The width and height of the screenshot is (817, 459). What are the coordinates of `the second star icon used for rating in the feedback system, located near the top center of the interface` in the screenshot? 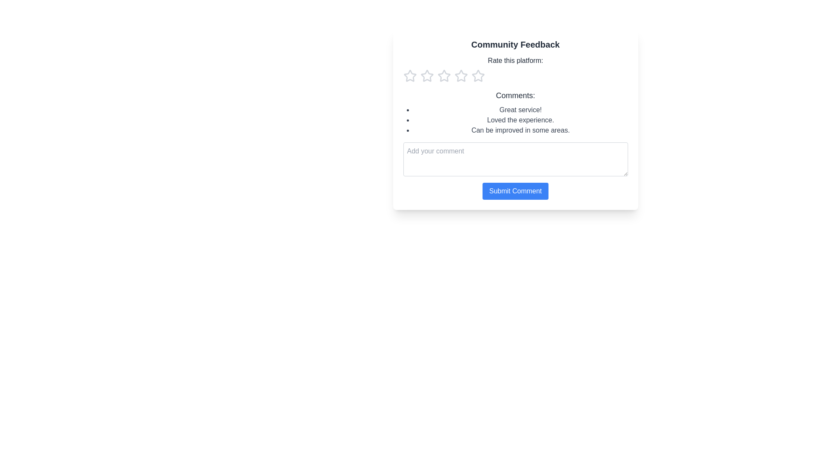 It's located at (460, 75).